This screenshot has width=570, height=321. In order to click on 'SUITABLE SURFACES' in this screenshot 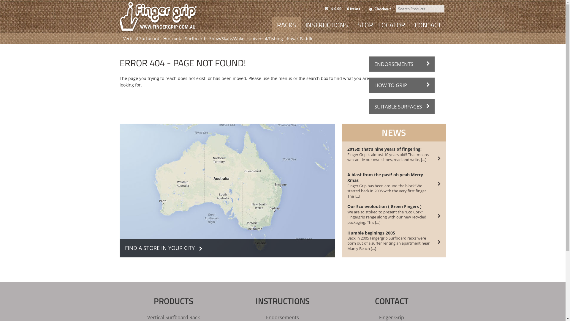, I will do `click(402, 106)`.